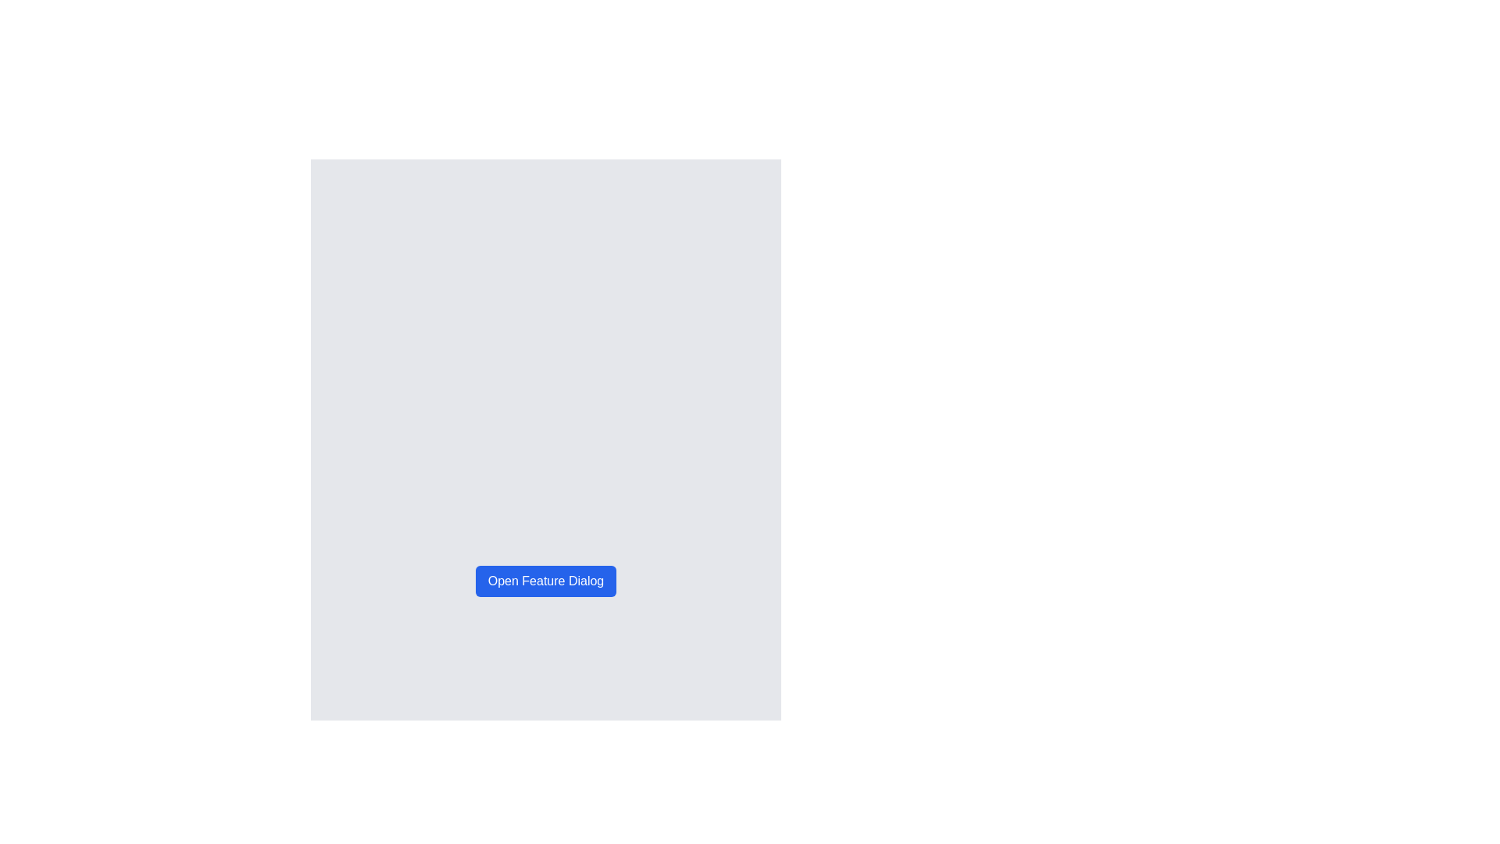 This screenshot has width=1500, height=844. What do you see at coordinates (546, 581) in the screenshot?
I see `the centrally located button that opens a feature dialog to change its appearance` at bounding box center [546, 581].